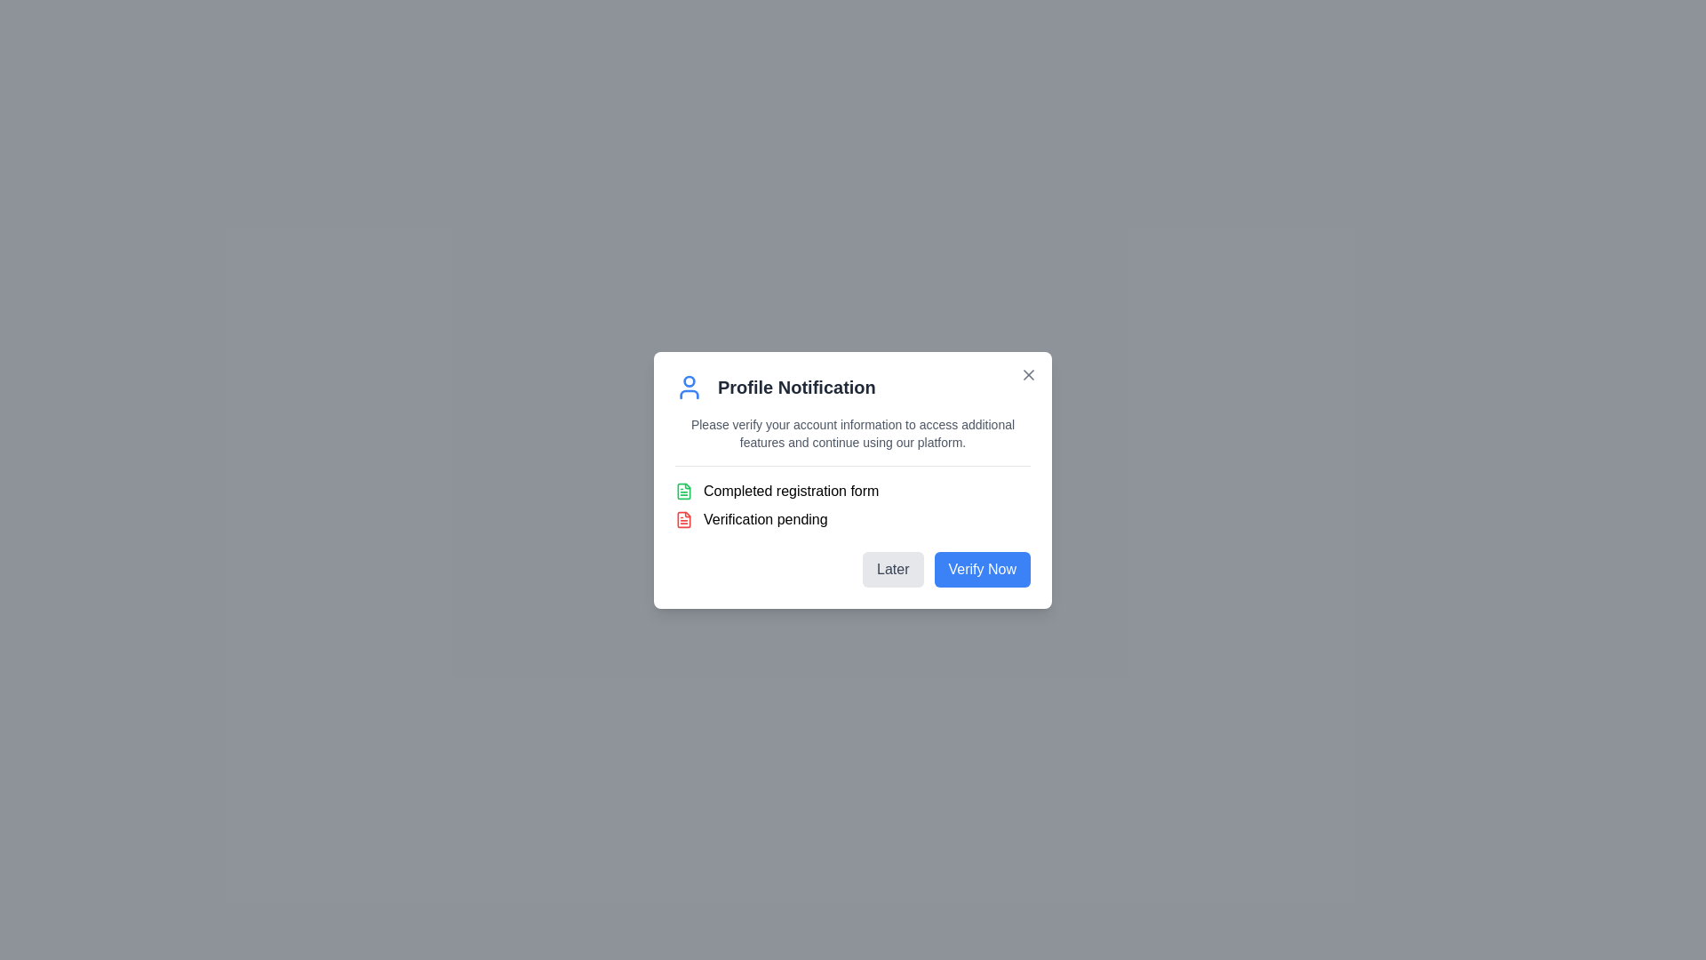  I want to click on the icon representing a completed registration form, located to the left of the text 'Completed registration form' in the 'Profile Notification' dialog box, so click(682, 491).